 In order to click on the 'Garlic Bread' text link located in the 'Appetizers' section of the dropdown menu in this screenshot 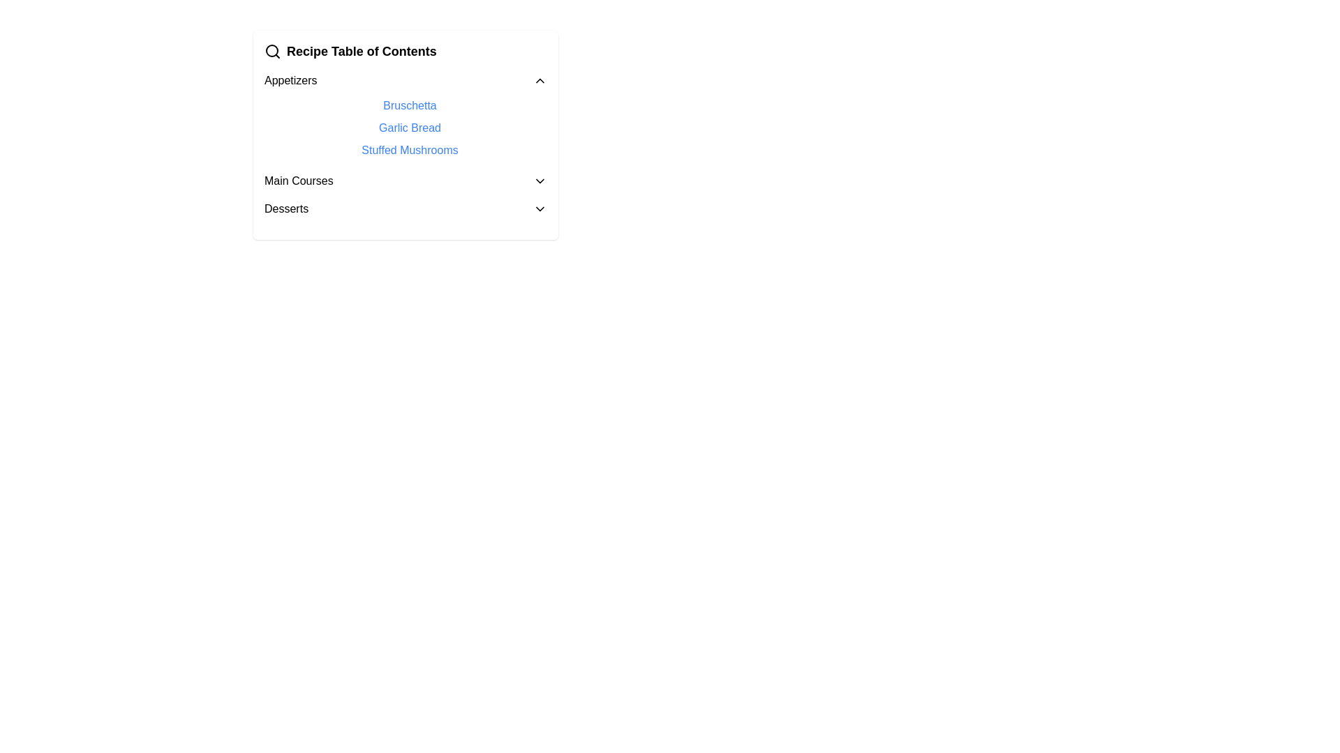, I will do `click(410, 128)`.